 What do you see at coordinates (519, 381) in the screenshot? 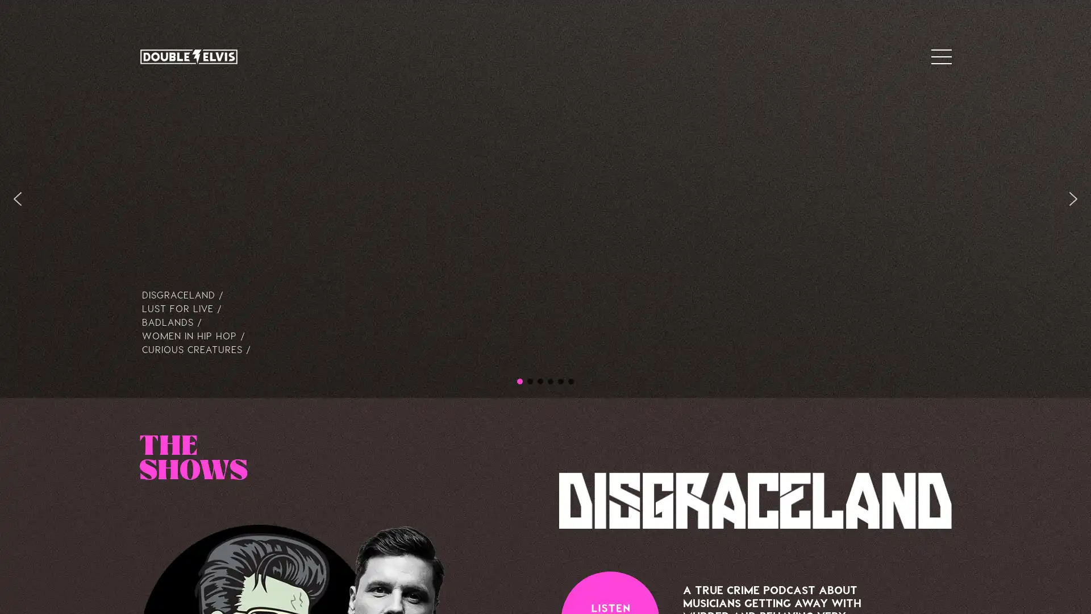
I see `DE hero` at bounding box center [519, 381].